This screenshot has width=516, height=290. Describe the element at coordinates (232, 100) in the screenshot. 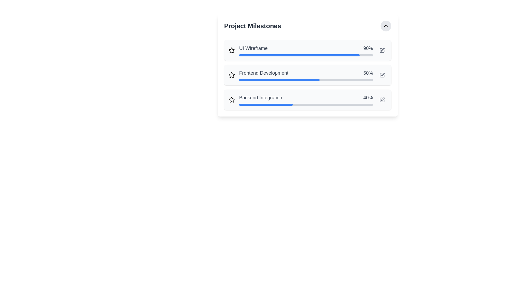

I see `the star icon located to the left of the 'Backend Integration' text to mark the milestone as important or favorited` at that location.